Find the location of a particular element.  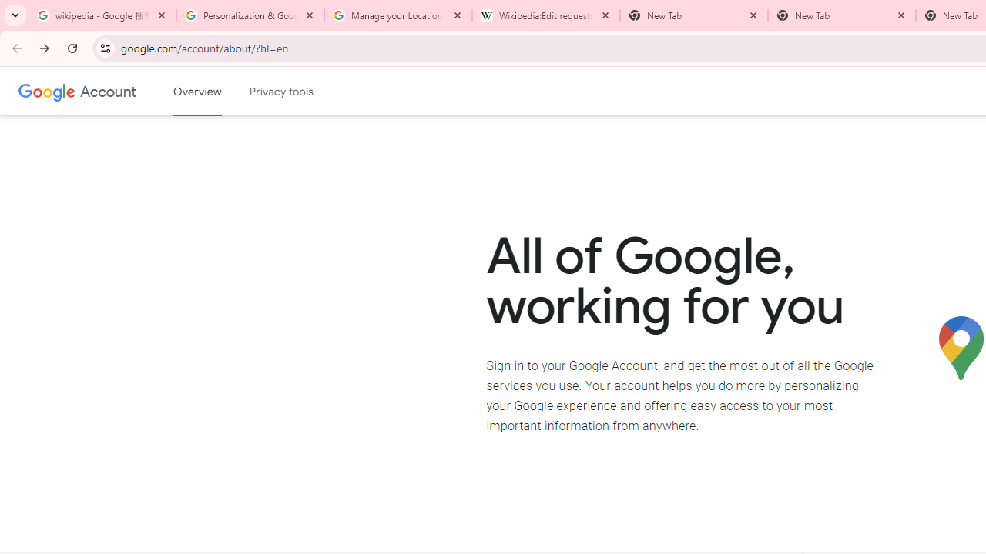

'Google Account overview' is located at coordinates (196, 92).